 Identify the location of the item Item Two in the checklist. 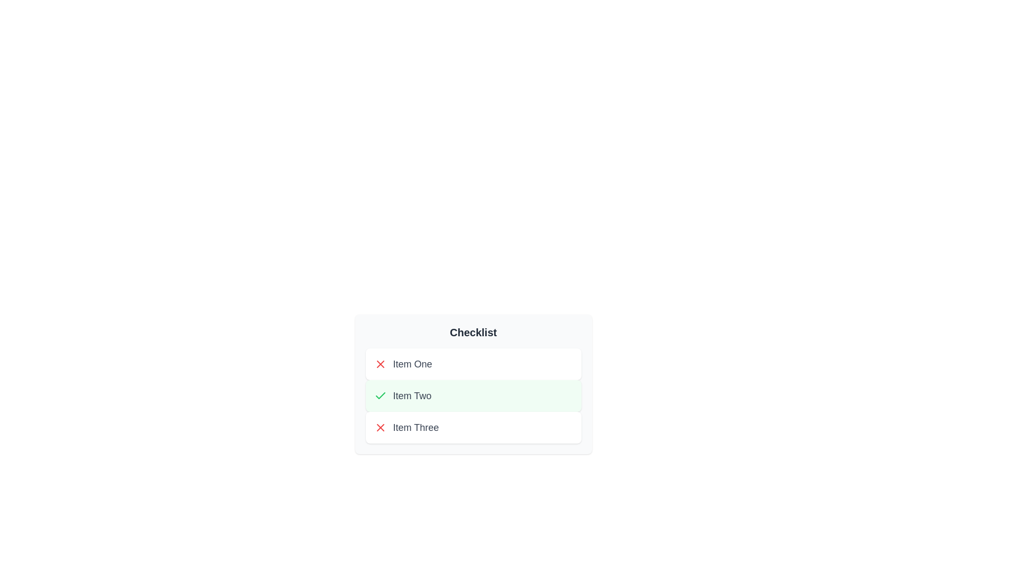
(473, 395).